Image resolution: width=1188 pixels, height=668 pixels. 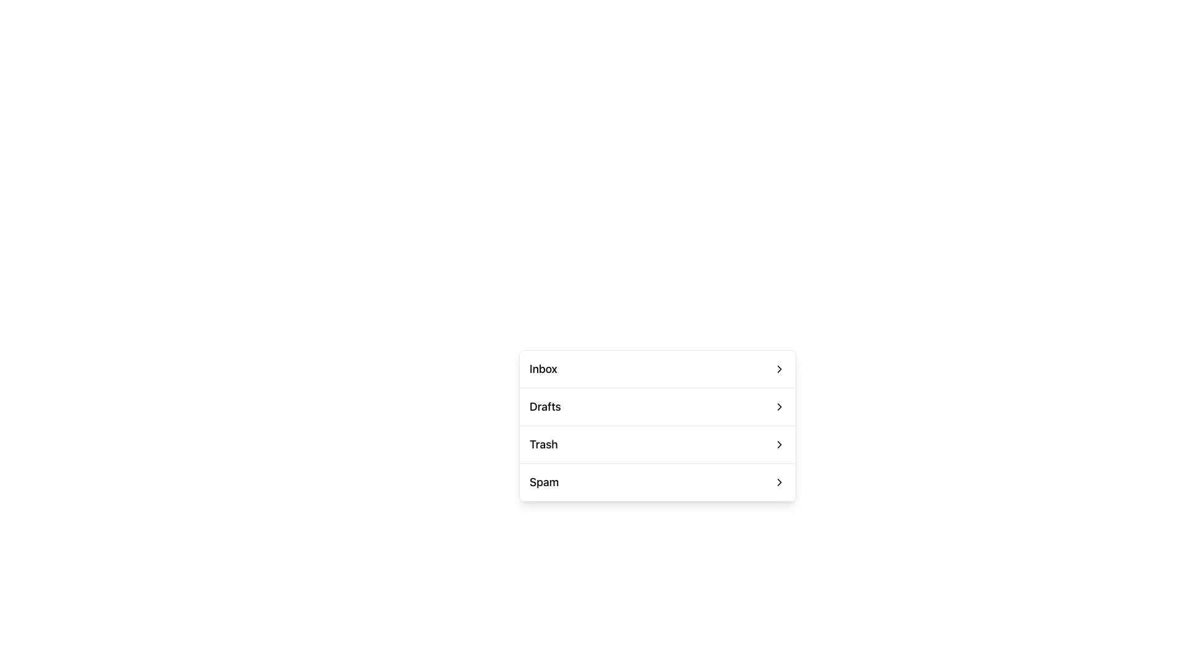 What do you see at coordinates (544, 481) in the screenshot?
I see `the text label reading 'Spam', which is styled prominently and located within the fourth entry of a vertical menu, beneath the 'Trash' menu item` at bounding box center [544, 481].